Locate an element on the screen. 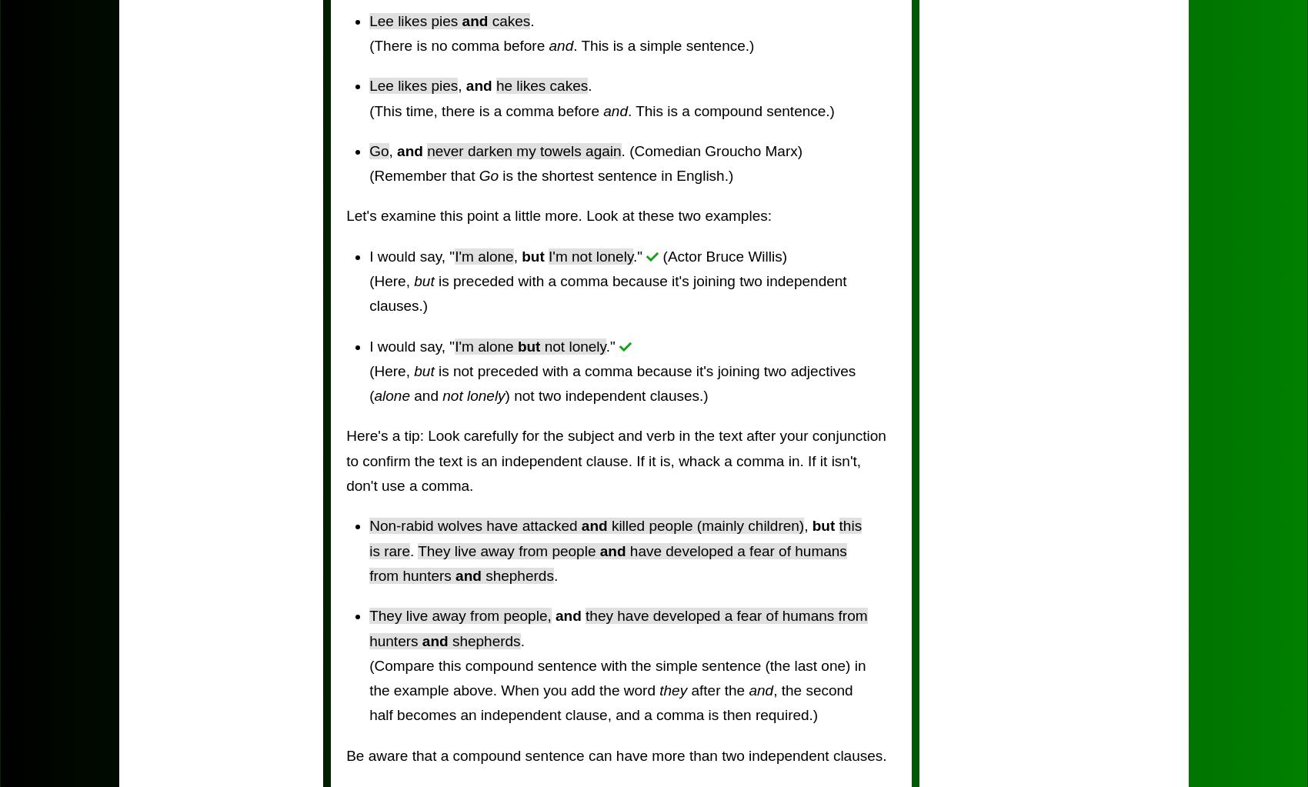 The width and height of the screenshot is (1308, 787). '. This is a compound sentence.)' is located at coordinates (626, 109).